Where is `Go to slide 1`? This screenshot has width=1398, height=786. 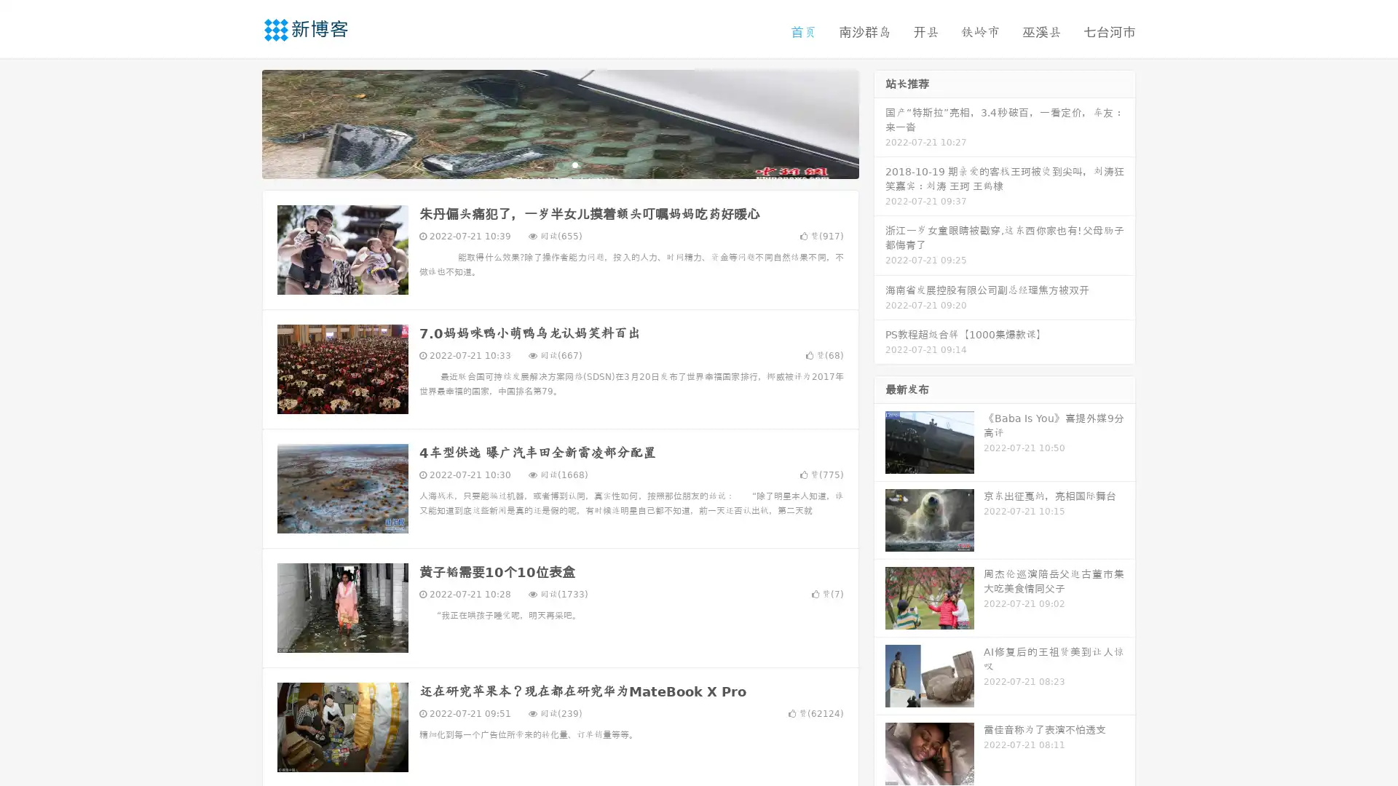 Go to slide 1 is located at coordinates (545, 164).